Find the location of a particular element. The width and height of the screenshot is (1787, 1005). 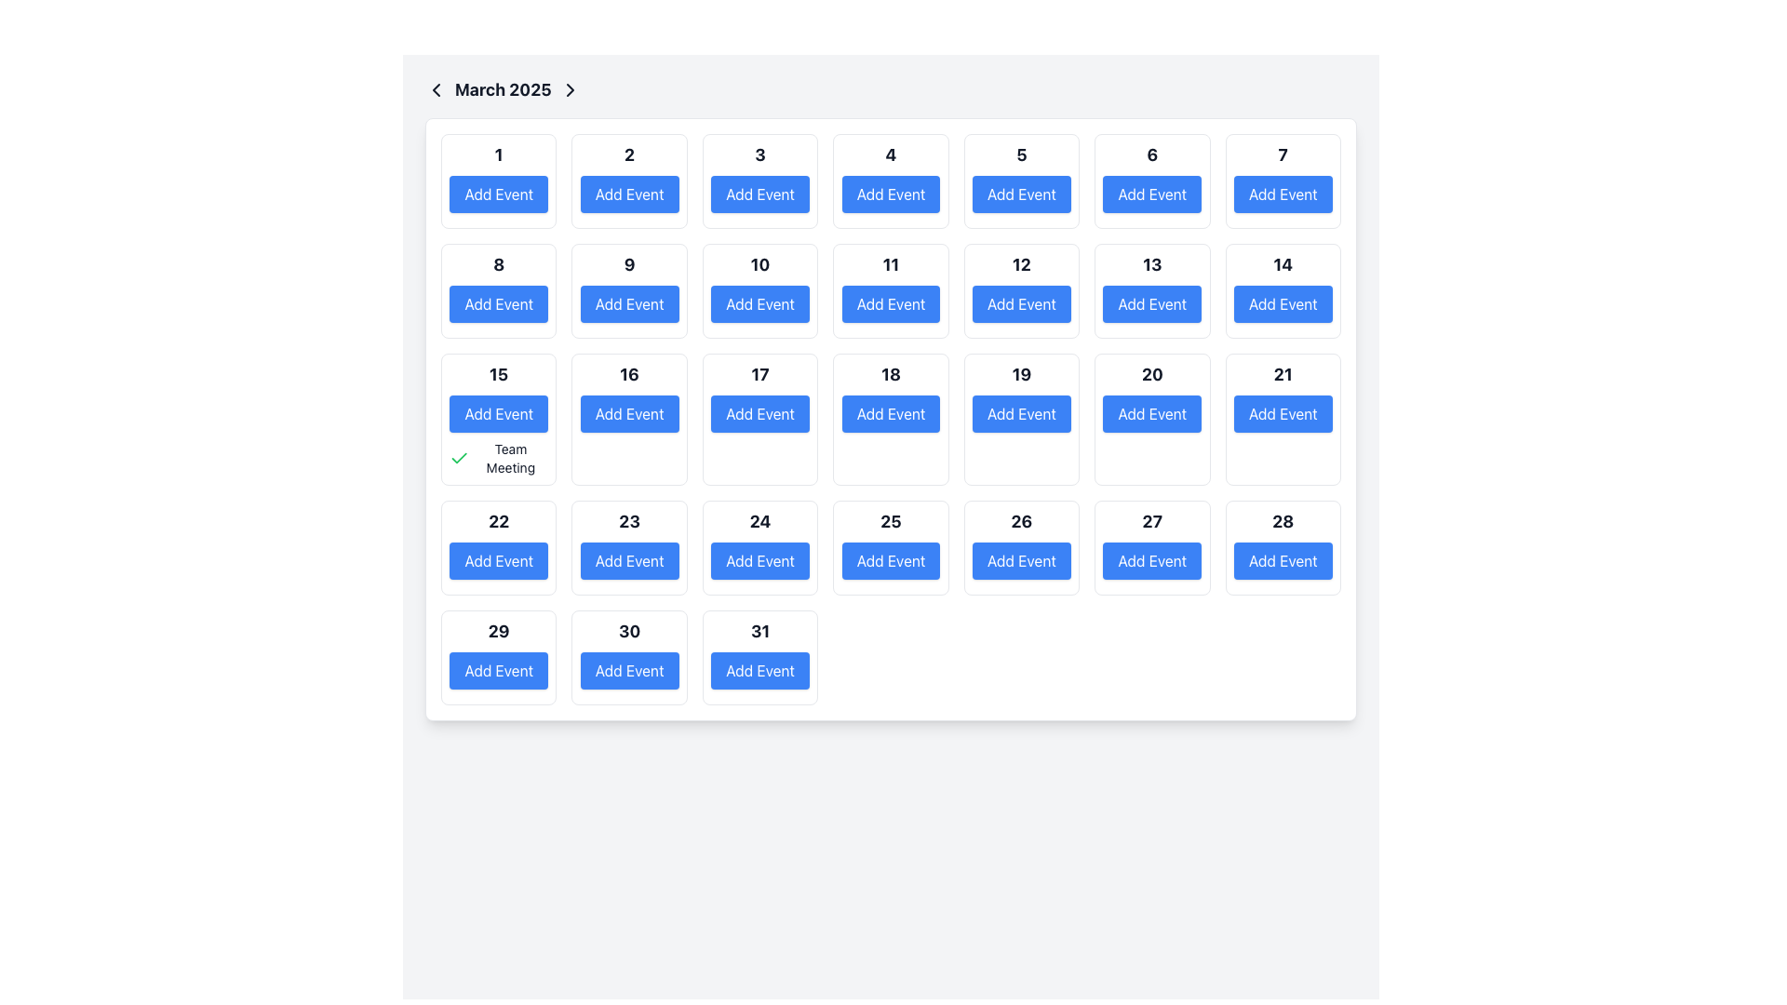

the static text displaying the date '19' in the sixth row and fourth column of the calendar interface is located at coordinates (1020, 374).